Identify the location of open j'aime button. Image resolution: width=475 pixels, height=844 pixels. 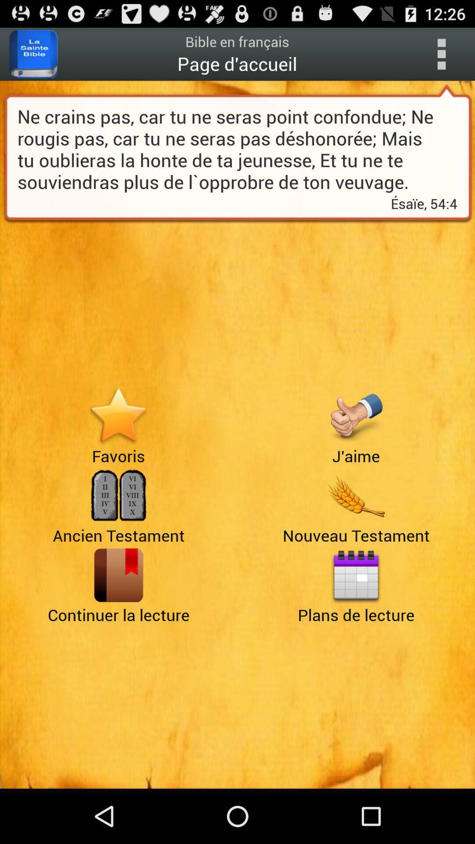
(355, 415).